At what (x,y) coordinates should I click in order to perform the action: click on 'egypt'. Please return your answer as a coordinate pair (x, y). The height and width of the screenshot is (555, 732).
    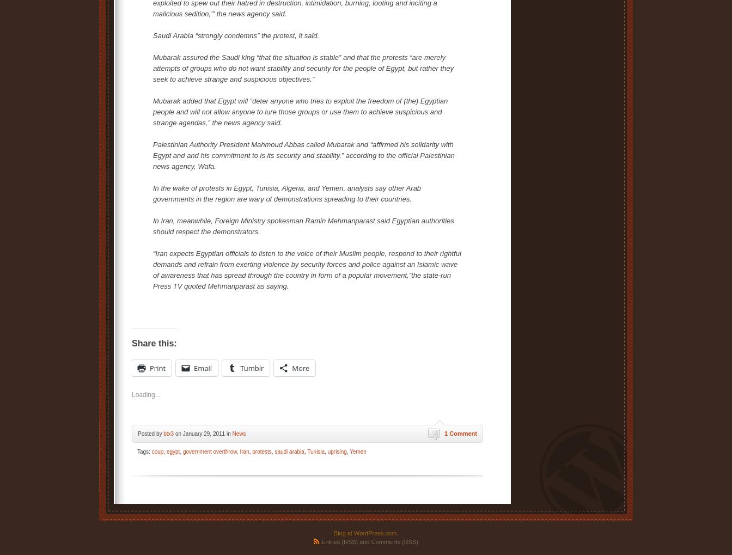
    Looking at the image, I should click on (173, 452).